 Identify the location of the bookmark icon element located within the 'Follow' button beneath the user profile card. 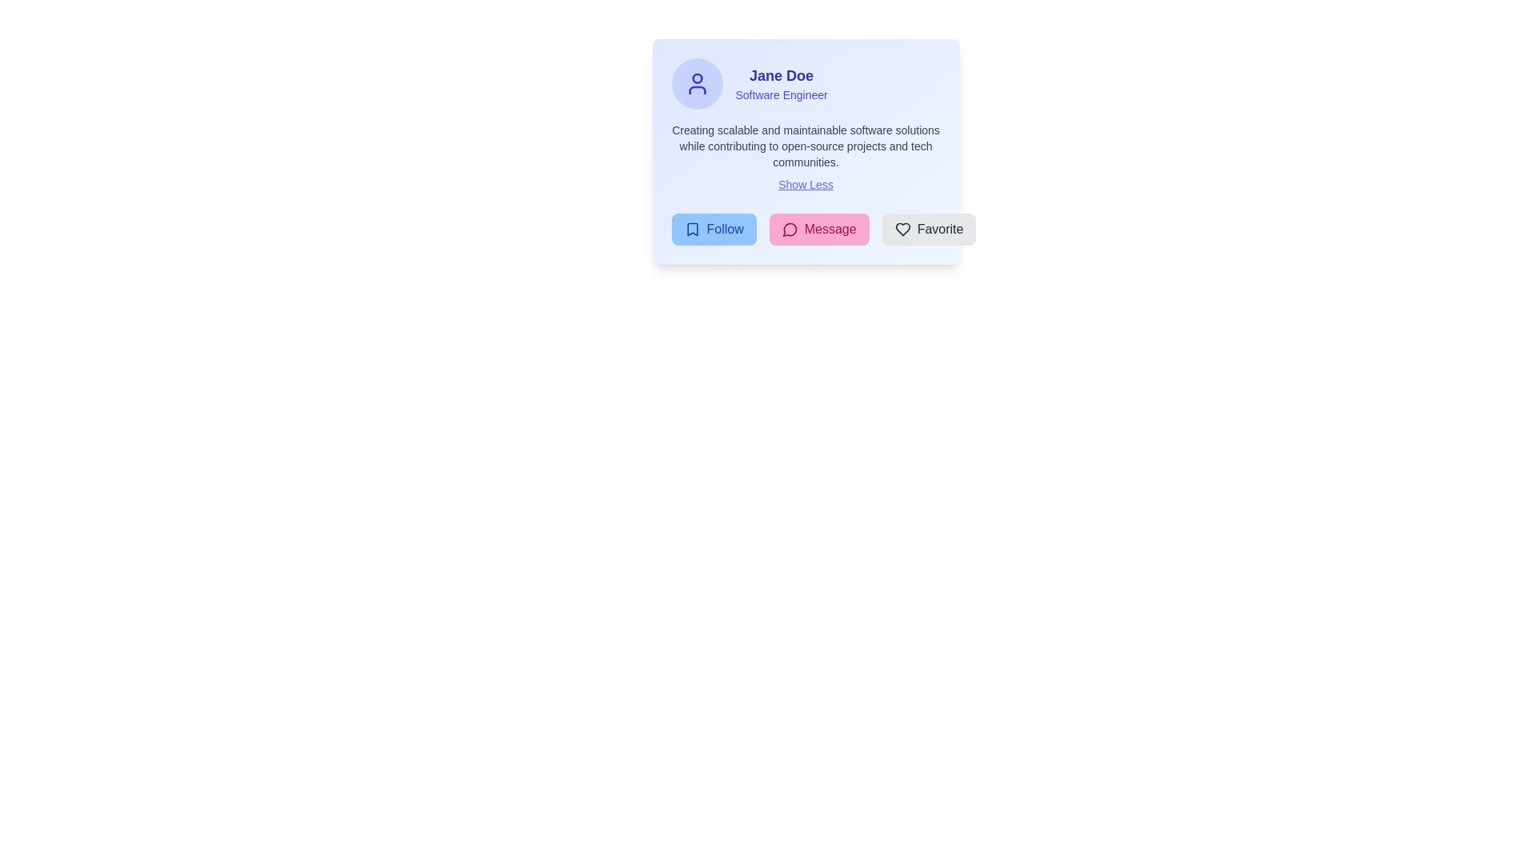
(692, 229).